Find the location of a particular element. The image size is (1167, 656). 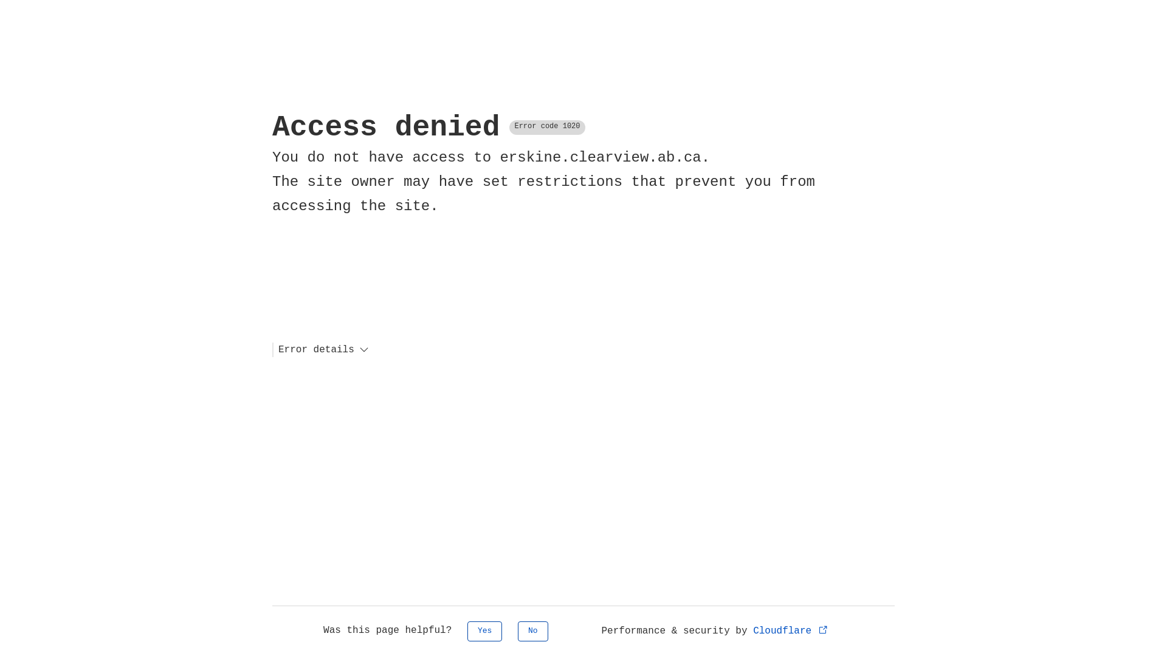

'Opens in new tab' is located at coordinates (823, 629).